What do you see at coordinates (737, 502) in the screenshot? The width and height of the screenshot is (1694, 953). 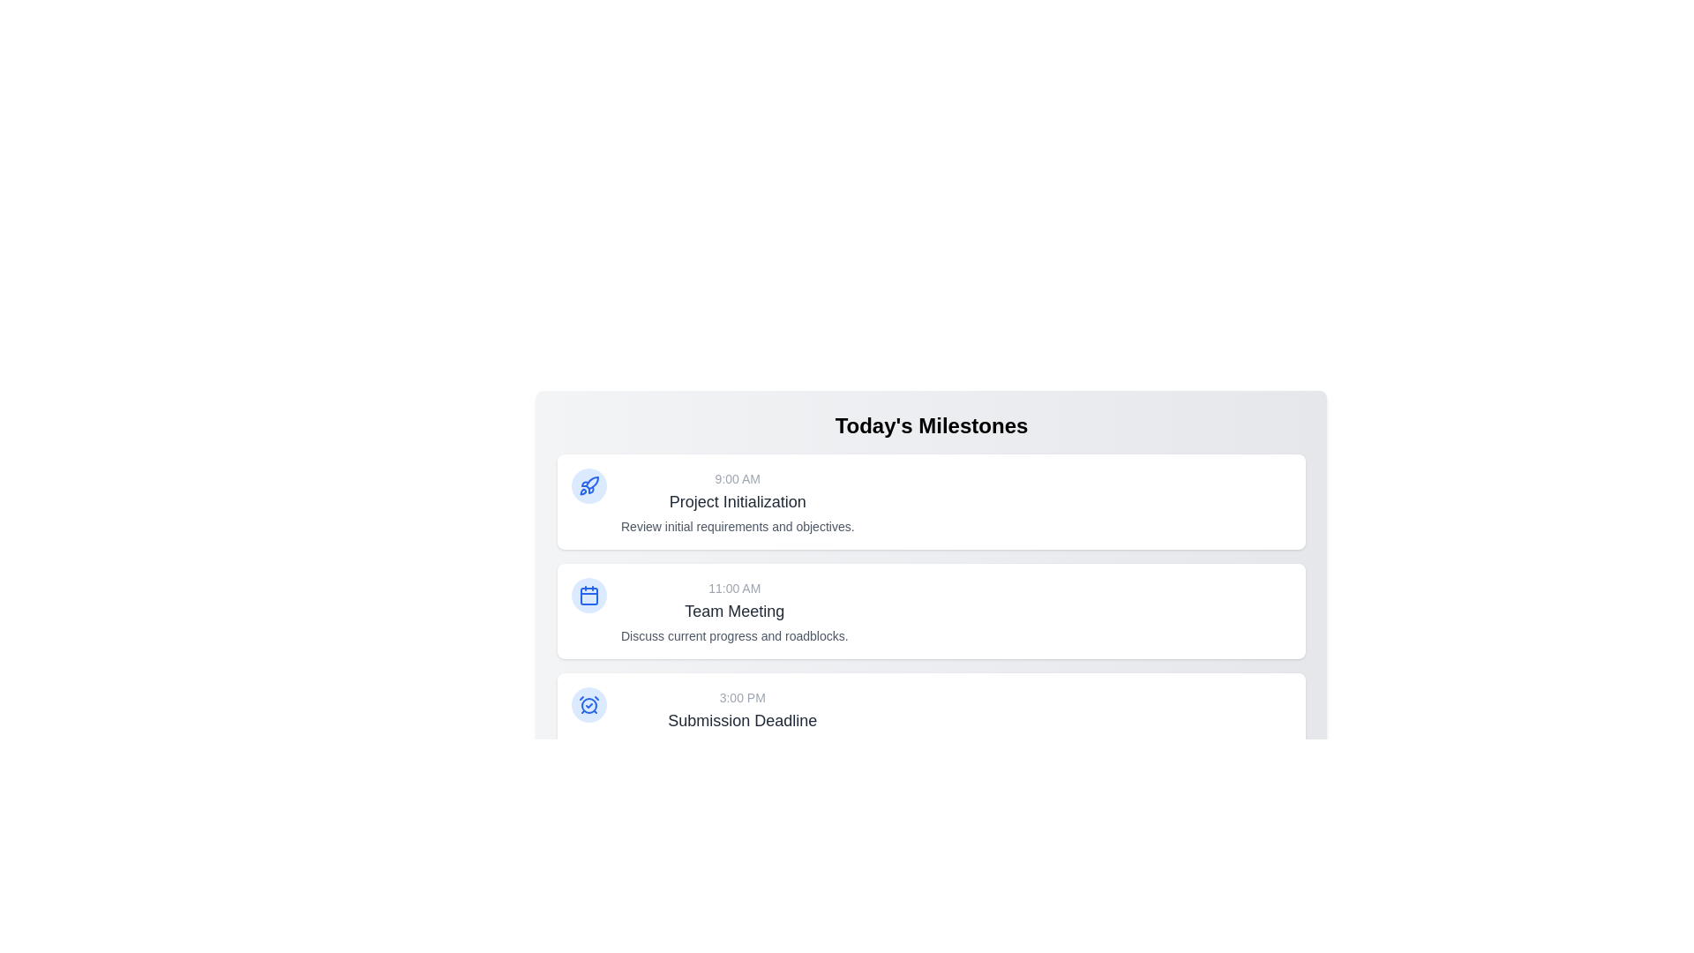 I see `the Text Label that serves as the title for a specific milestone event in the schedule, located beneath 'Today's Milestones'` at bounding box center [737, 502].